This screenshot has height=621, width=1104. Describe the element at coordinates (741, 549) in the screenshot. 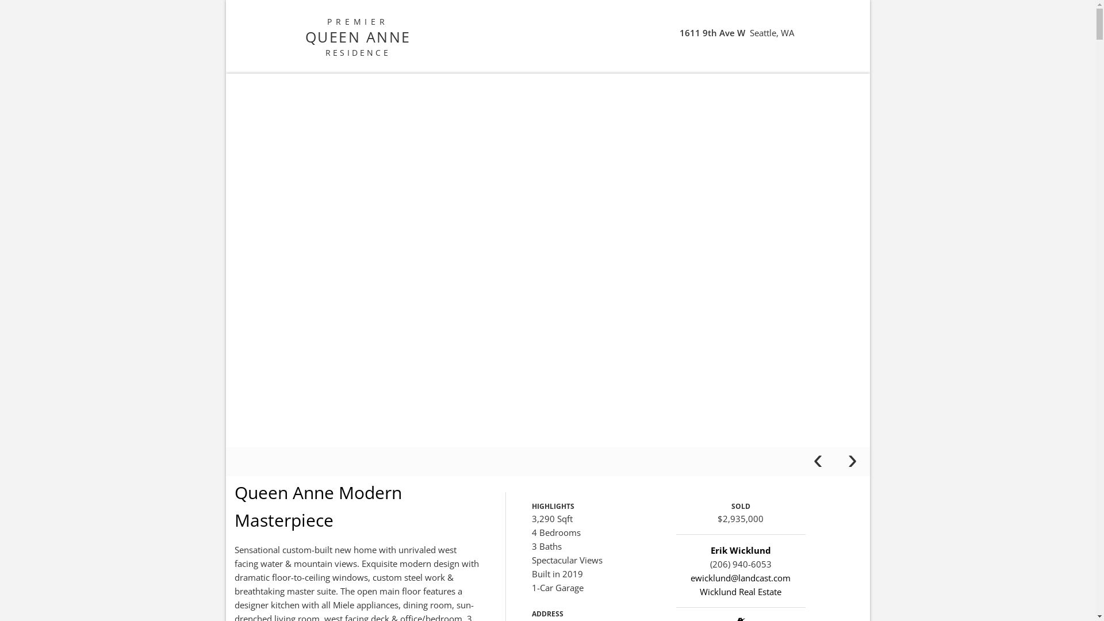

I see `'Erik Wicklund'` at that location.